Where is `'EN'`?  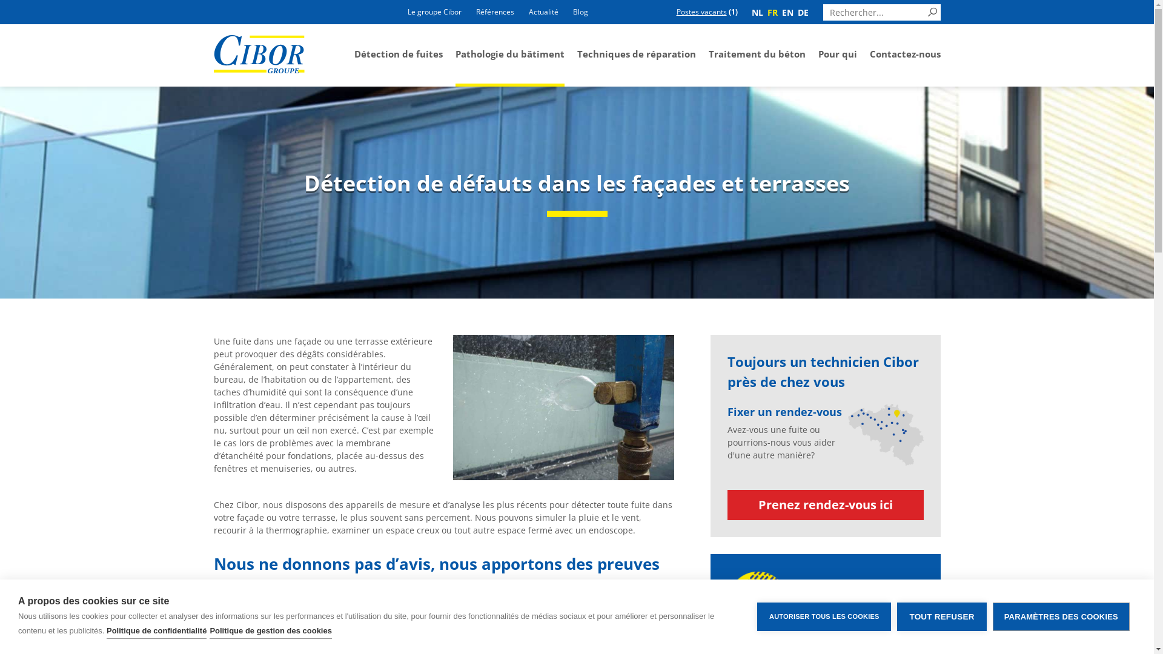
'EN' is located at coordinates (787, 12).